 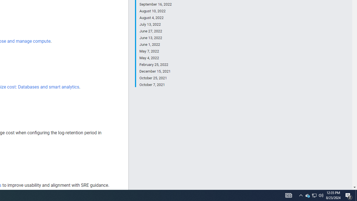 I want to click on 'December 15, 2021', so click(x=155, y=71).